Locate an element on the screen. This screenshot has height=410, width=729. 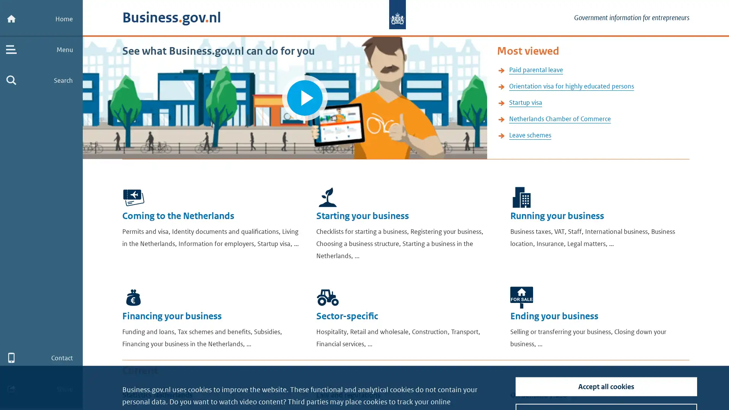
Accept all cookies is located at coordinates (606, 358).